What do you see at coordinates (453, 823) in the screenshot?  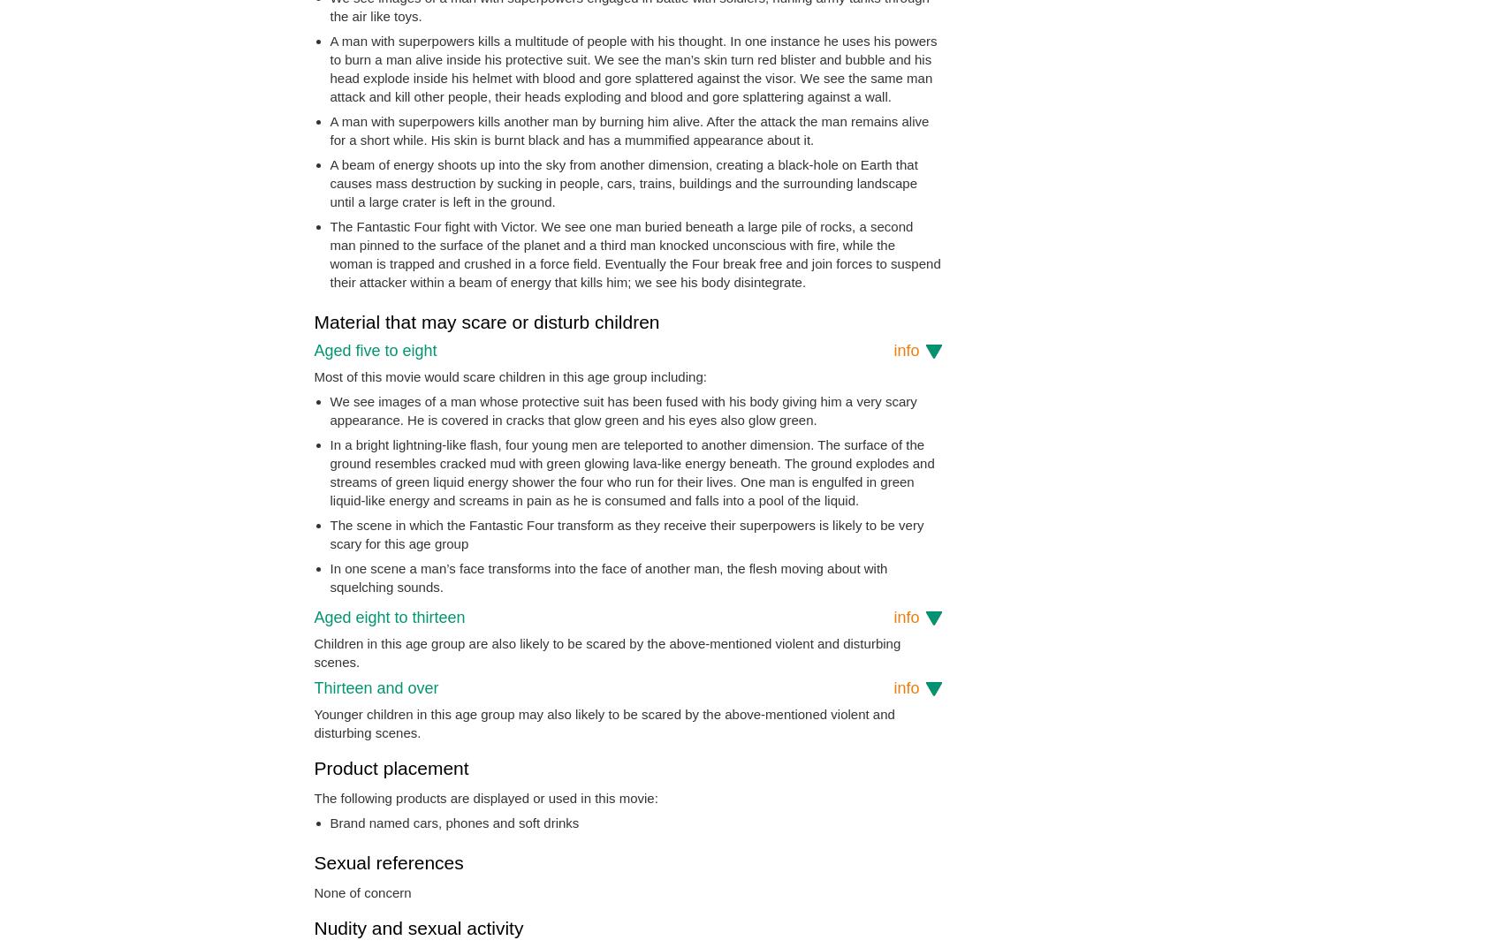 I see `'Brand named cars, phones and soft drinks'` at bounding box center [453, 823].